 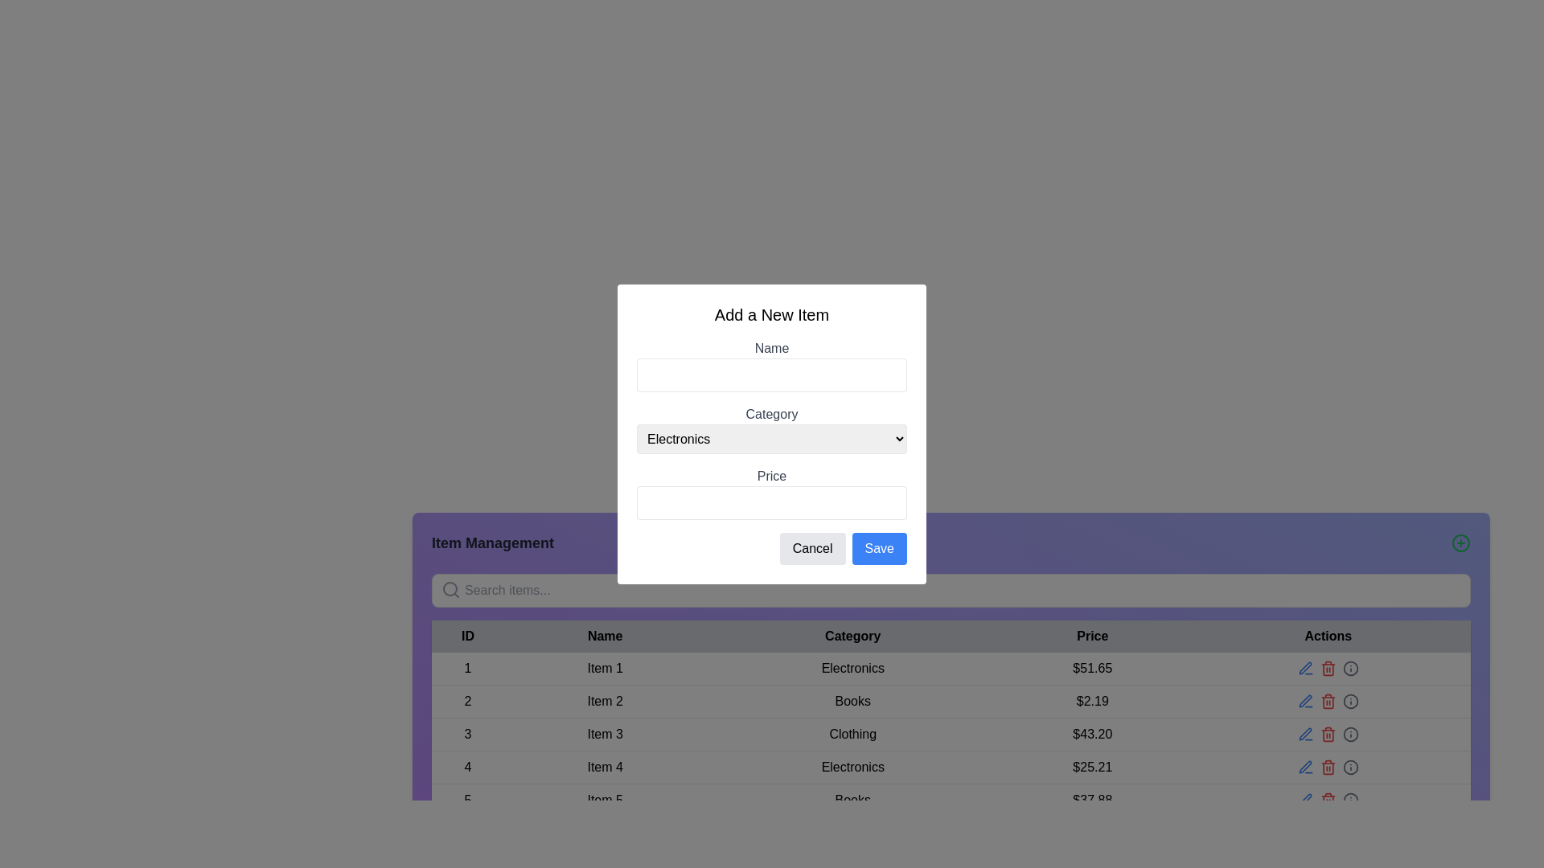 What do you see at coordinates (466, 700) in the screenshot?
I see `the Text display element showing the numerical identifier '2' in the ID column of the table's second row` at bounding box center [466, 700].